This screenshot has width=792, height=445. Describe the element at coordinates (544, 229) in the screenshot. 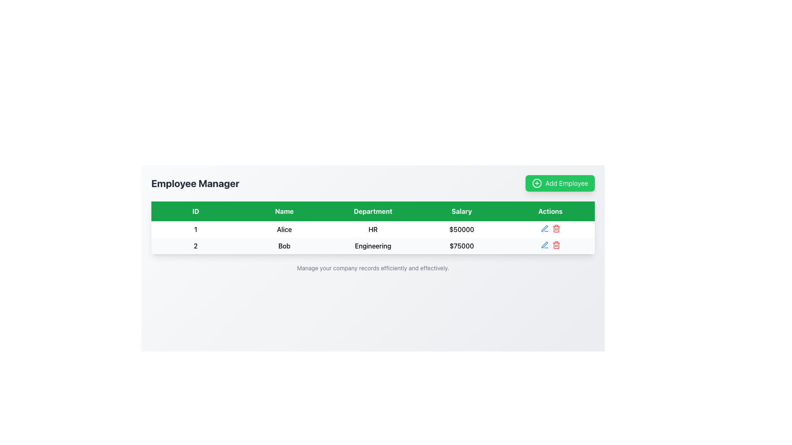

I see `the blue pen icon button located under the 'Actions' column of the second row labeled 'Bob' in the table` at that location.